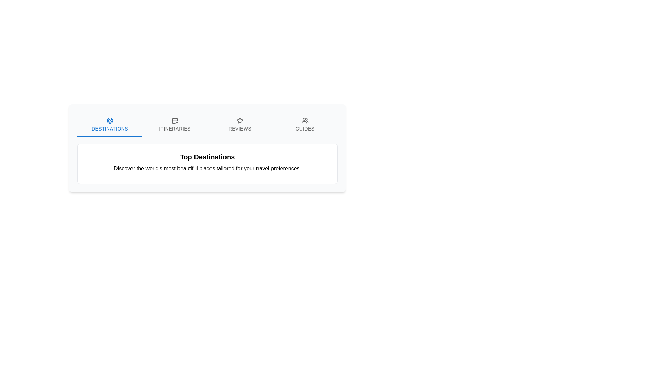 This screenshot has width=654, height=368. What do you see at coordinates (175, 120) in the screenshot?
I see `the itineraries icon located directly above the 'Itineraries' text within the navigation bar` at bounding box center [175, 120].